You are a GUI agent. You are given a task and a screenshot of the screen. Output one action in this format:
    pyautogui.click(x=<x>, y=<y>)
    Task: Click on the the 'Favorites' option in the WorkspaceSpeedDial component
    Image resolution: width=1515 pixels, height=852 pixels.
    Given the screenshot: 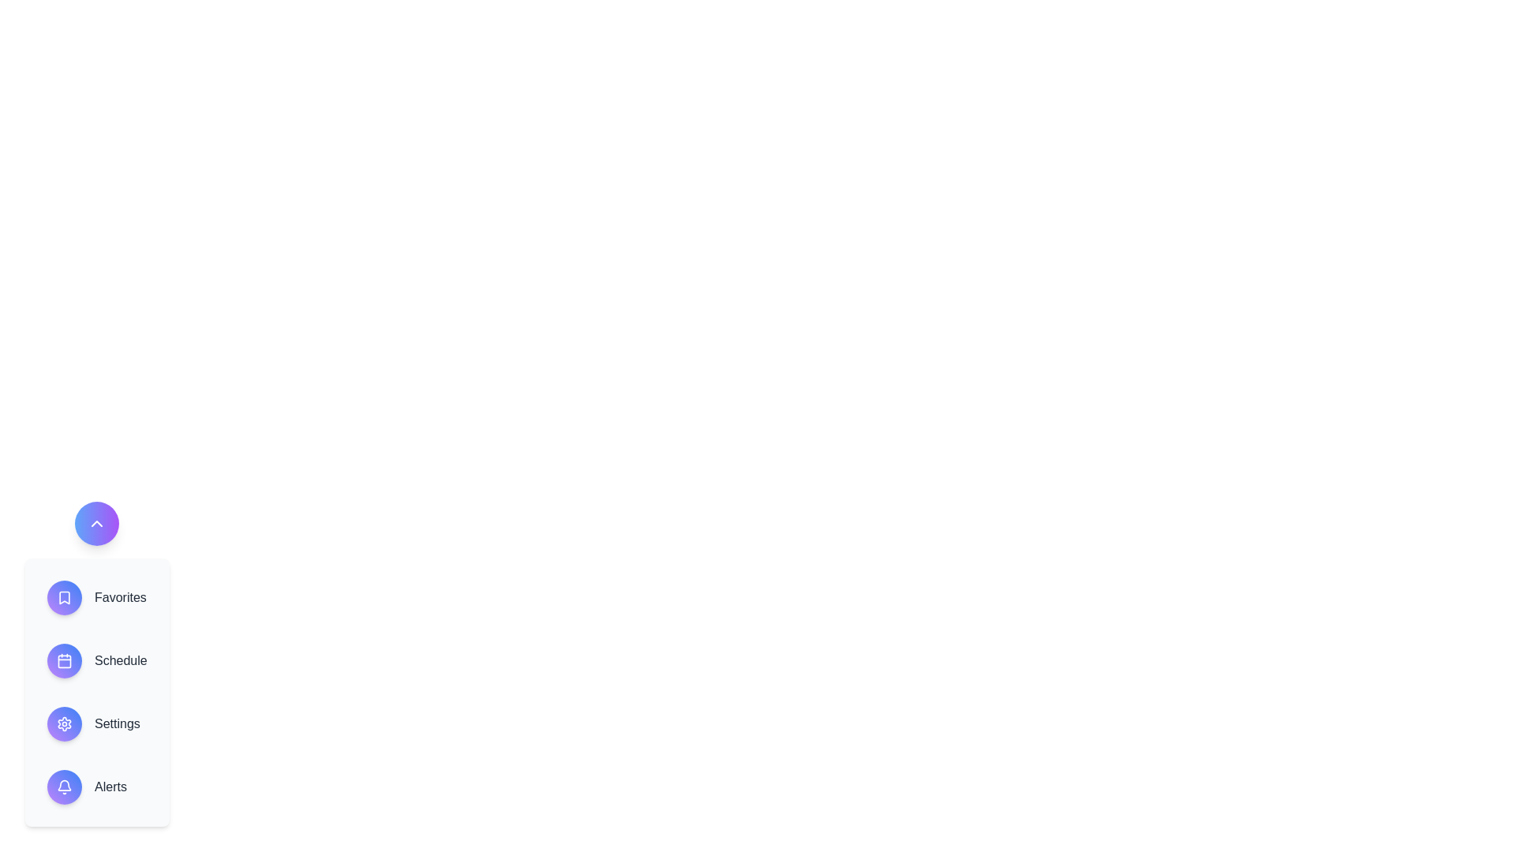 What is the action you would take?
    pyautogui.click(x=96, y=598)
    